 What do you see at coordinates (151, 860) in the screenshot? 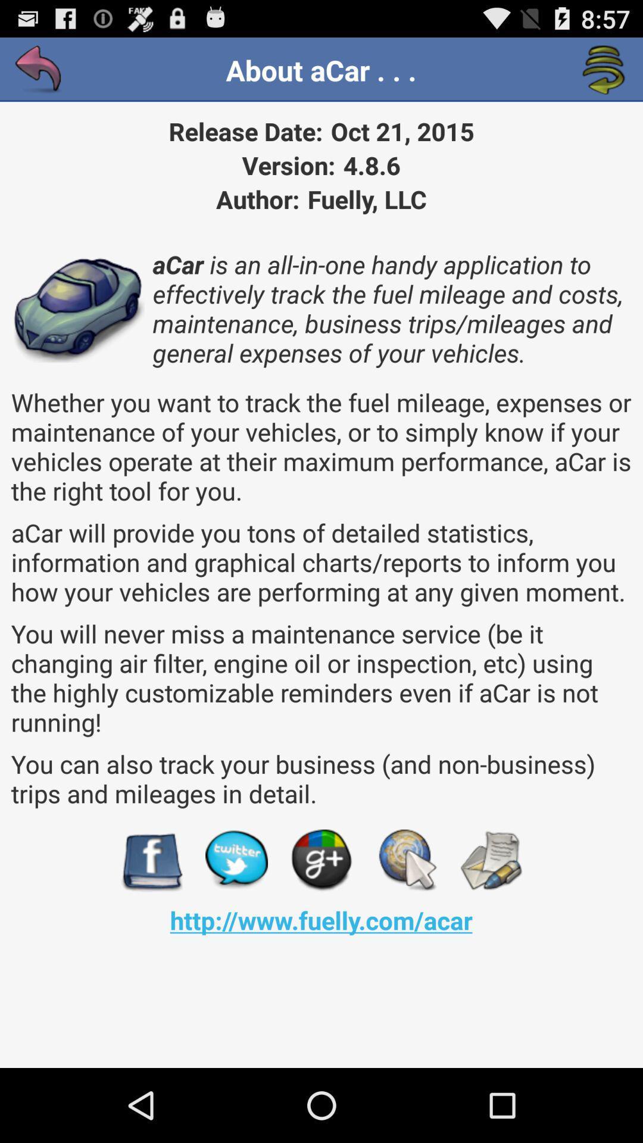
I see `facebook` at bounding box center [151, 860].